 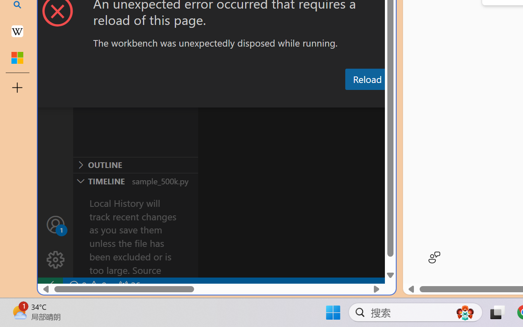 What do you see at coordinates (367, 78) in the screenshot?
I see `'Reload'` at bounding box center [367, 78].